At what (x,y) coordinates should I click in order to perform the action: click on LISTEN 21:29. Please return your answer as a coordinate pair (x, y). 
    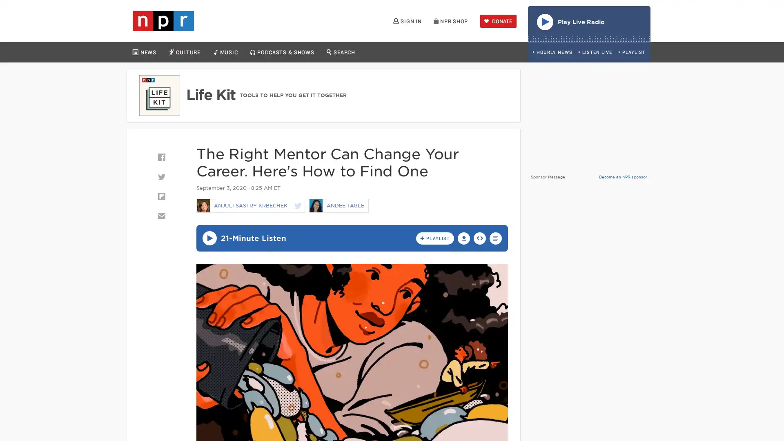
    Looking at the image, I should click on (209, 238).